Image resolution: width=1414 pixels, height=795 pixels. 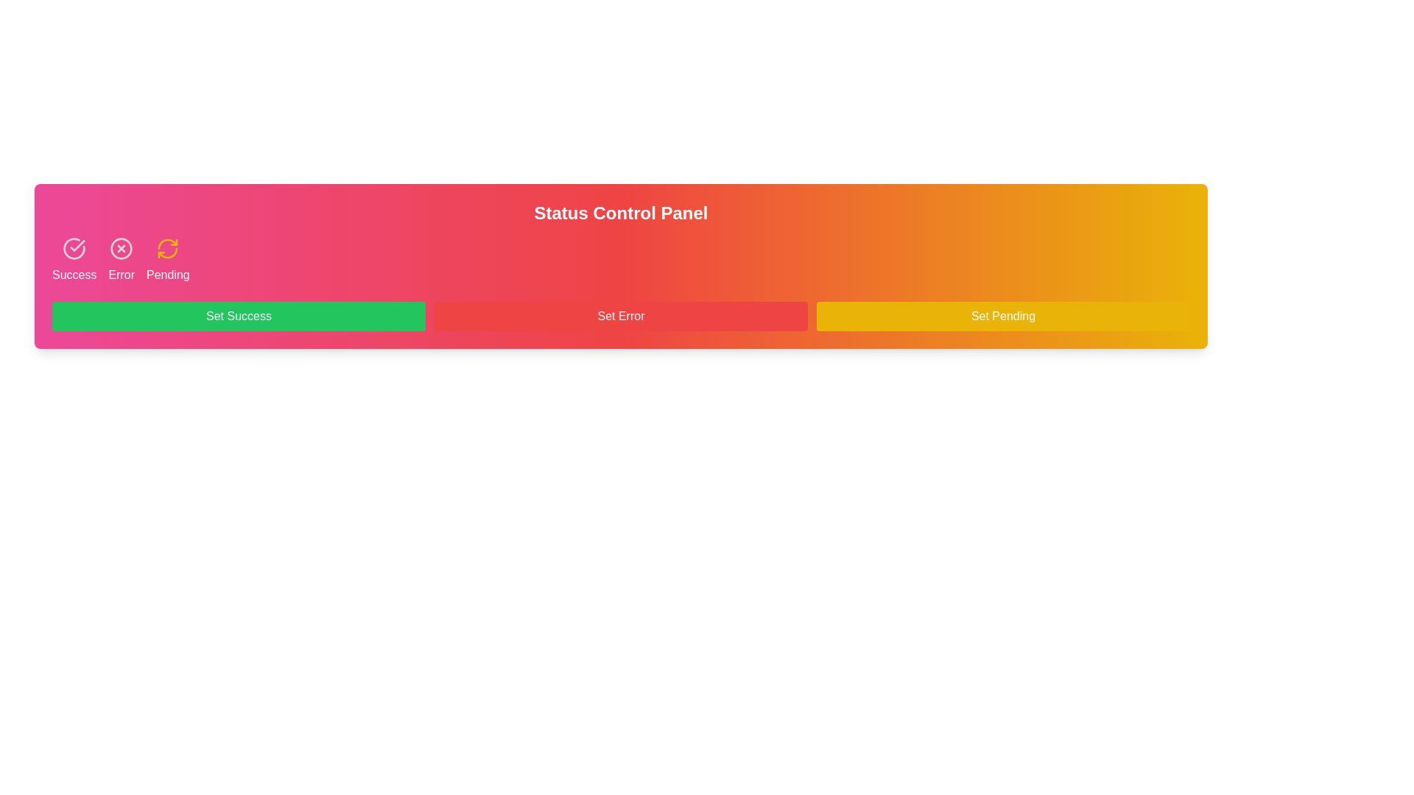 What do you see at coordinates (122, 275) in the screenshot?
I see `the 'Error' status text label, which is the second text label in a pink gradient panel located beneath the second icon` at bounding box center [122, 275].